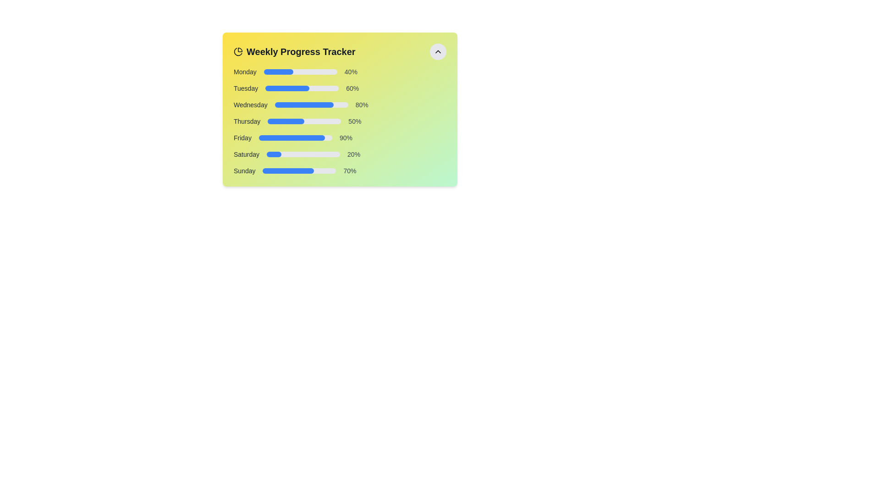  Describe the element at coordinates (437, 51) in the screenshot. I see `the circular button located at the top-right corner of the 'Weekly Progress Tracker' card` at that location.